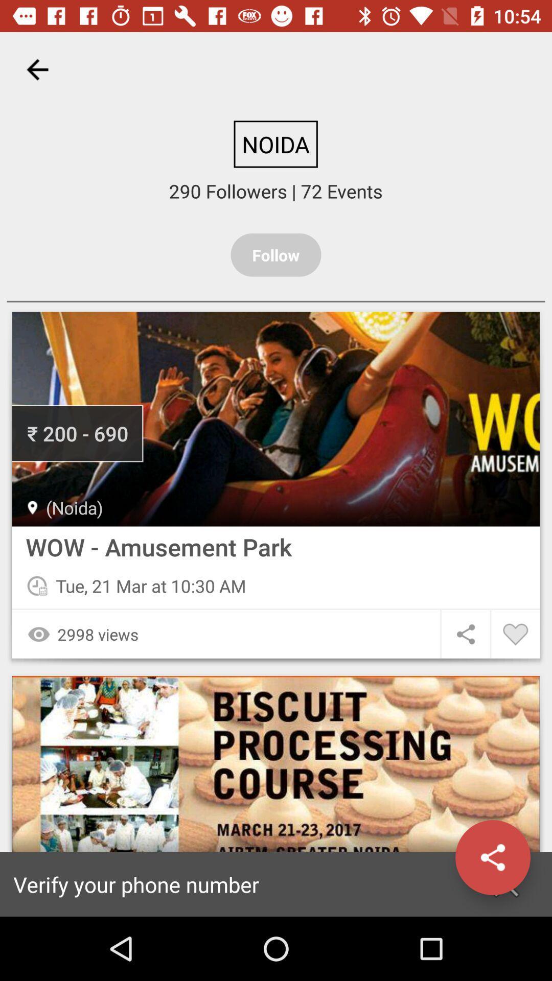 This screenshot has height=981, width=552. I want to click on the share icon, so click(492, 857).